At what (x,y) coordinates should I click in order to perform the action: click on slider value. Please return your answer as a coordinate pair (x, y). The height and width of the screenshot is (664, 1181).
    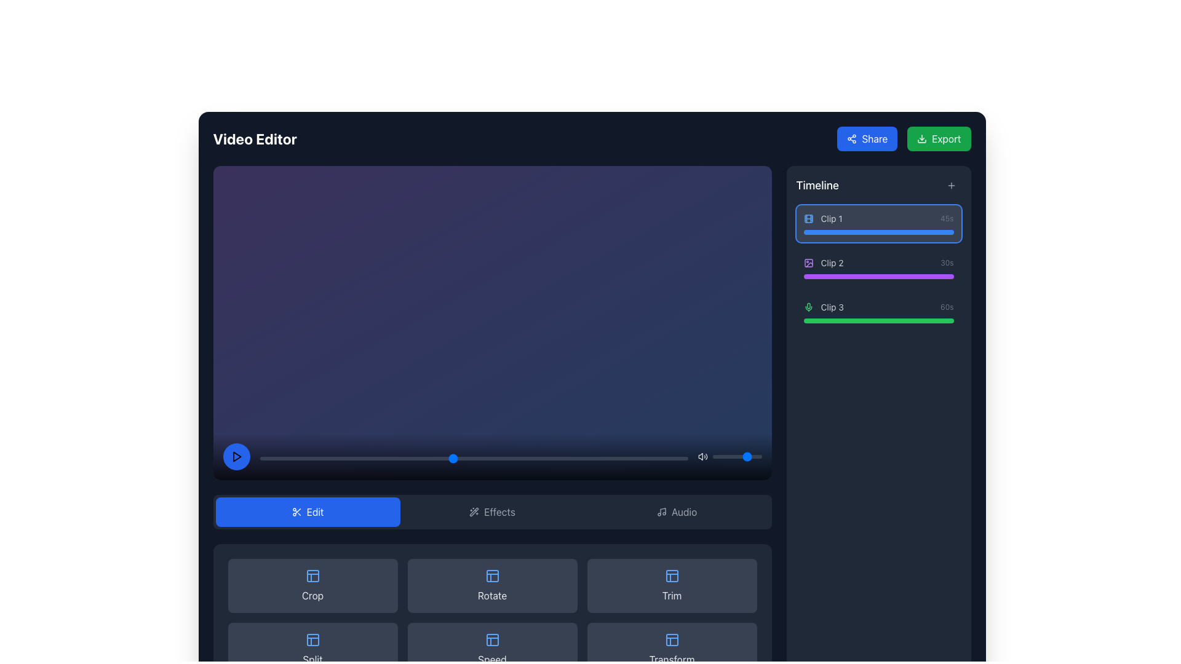
    Looking at the image, I should click on (678, 457).